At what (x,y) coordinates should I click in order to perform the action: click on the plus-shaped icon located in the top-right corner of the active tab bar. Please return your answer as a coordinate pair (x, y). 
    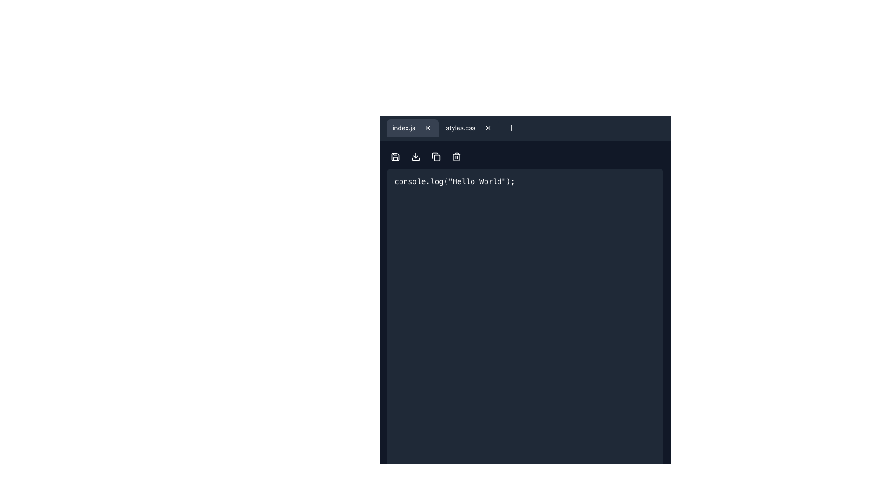
    Looking at the image, I should click on (510, 128).